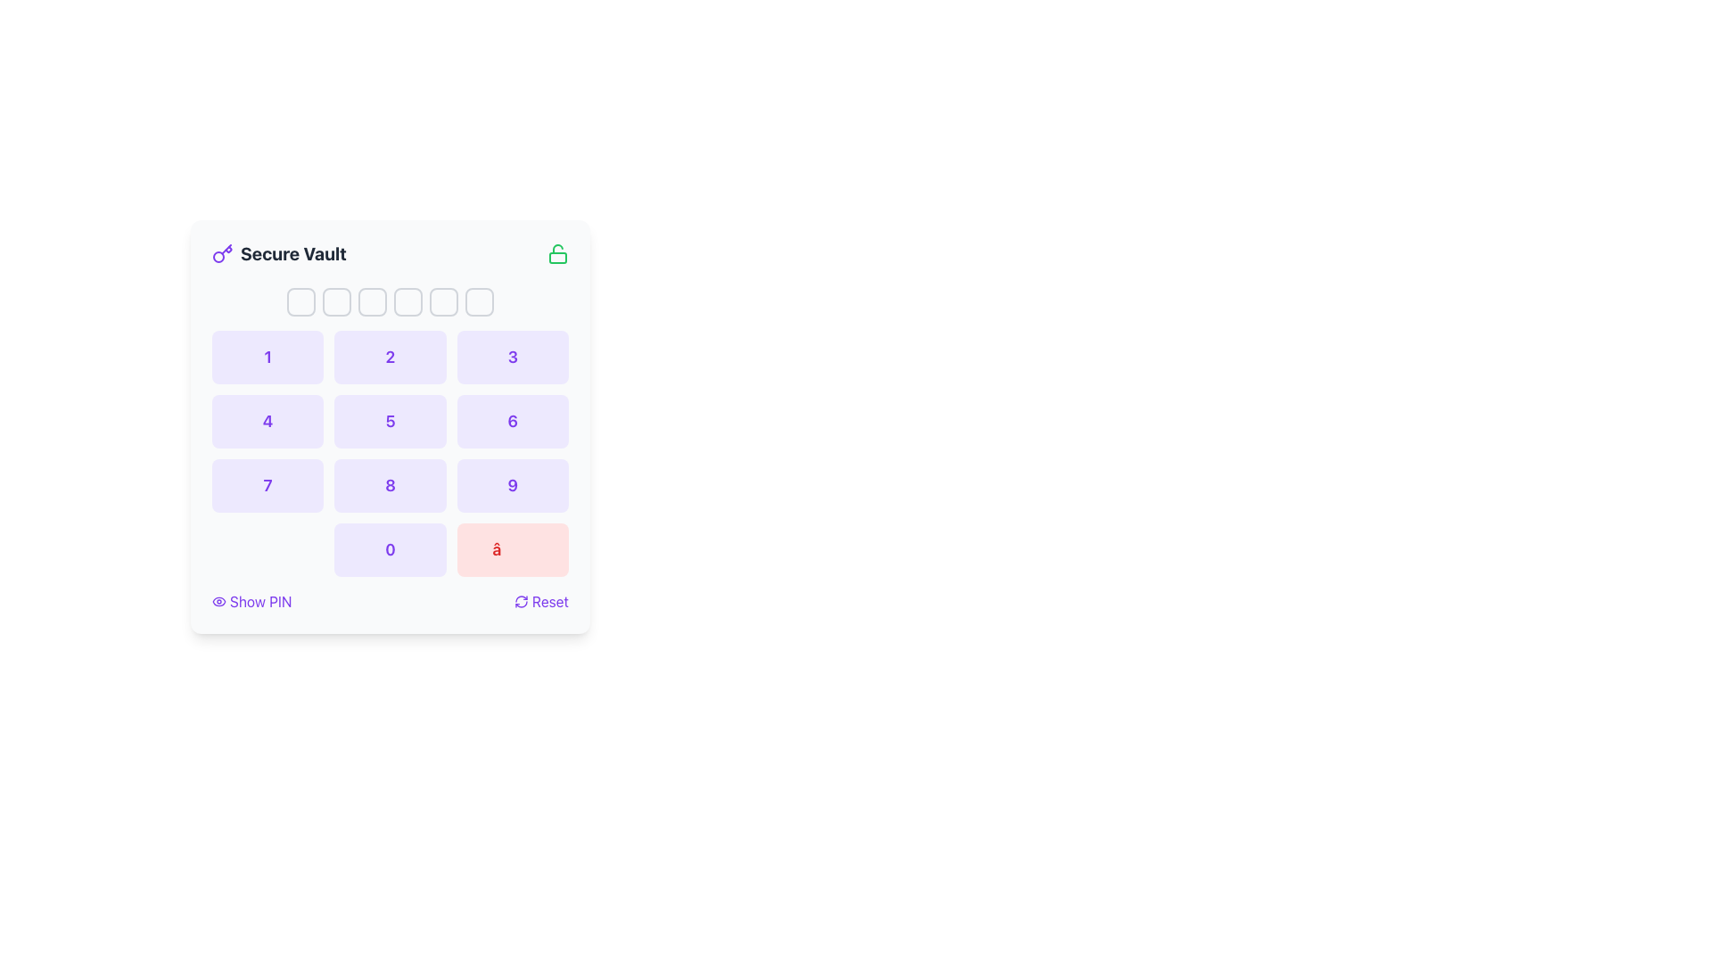  What do you see at coordinates (512, 485) in the screenshot?
I see `the button labeled '9', a rounded rectangle with a lavender background, to observe the hover effect with a darker lavender background` at bounding box center [512, 485].